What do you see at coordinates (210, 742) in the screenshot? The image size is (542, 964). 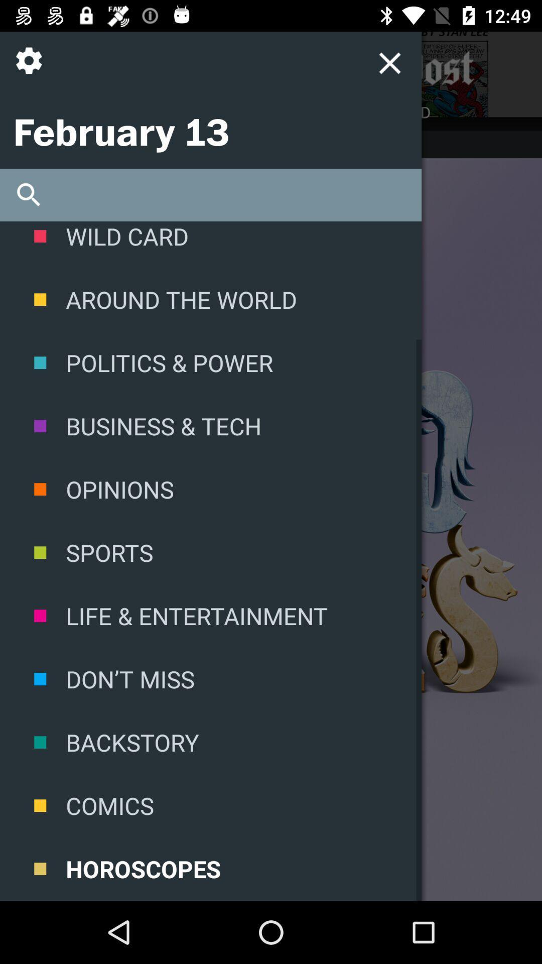 I see `backstory icon` at bounding box center [210, 742].